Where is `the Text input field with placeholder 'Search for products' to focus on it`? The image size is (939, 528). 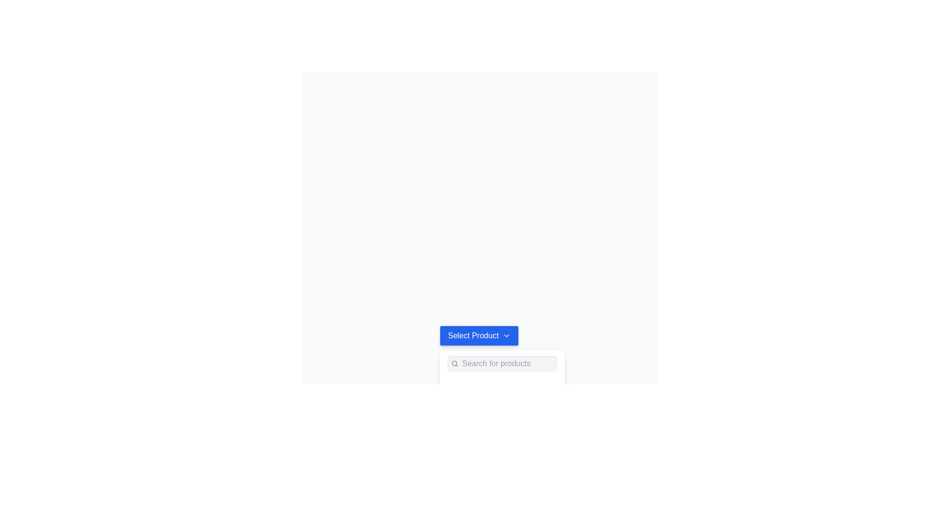 the Text input field with placeholder 'Search for products' to focus on it is located at coordinates (502, 364).